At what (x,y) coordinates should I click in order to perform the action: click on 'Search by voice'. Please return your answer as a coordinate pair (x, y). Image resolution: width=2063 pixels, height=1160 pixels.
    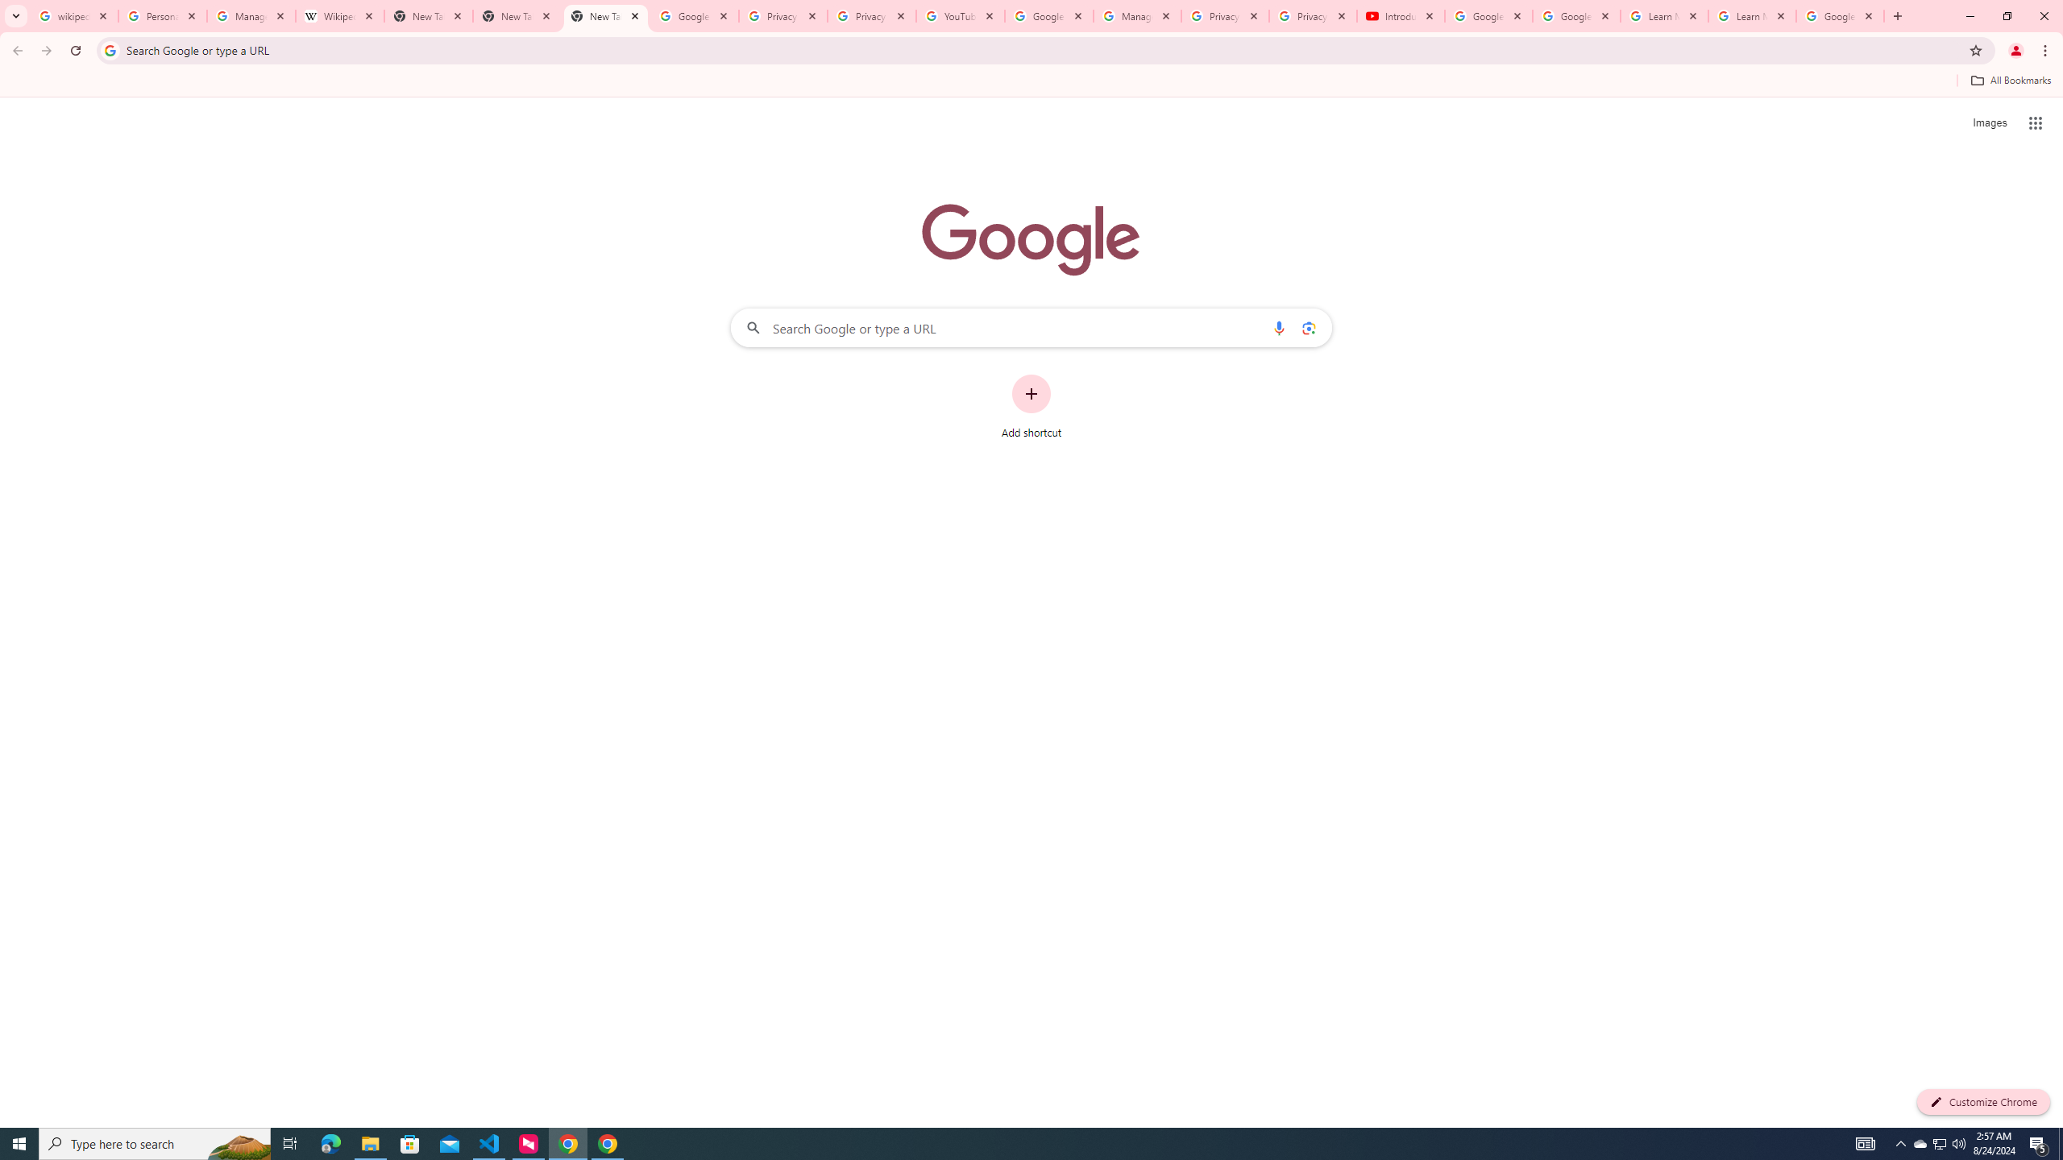
    Looking at the image, I should click on (1278, 326).